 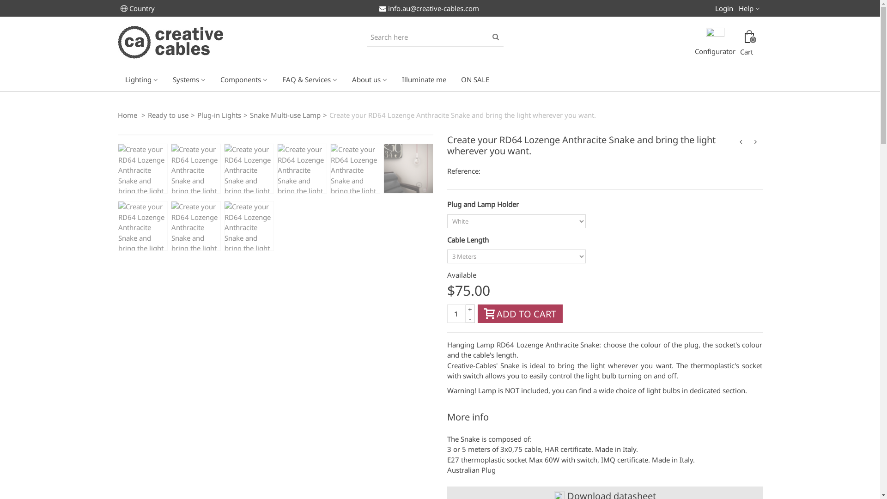 What do you see at coordinates (370, 78) in the screenshot?
I see `'About us'` at bounding box center [370, 78].